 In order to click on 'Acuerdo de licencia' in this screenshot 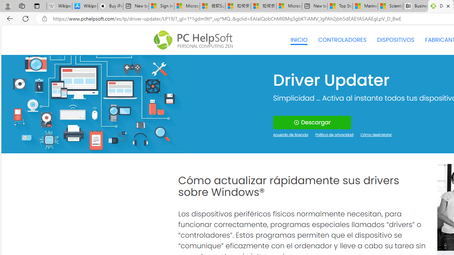, I will do `click(290, 135)`.